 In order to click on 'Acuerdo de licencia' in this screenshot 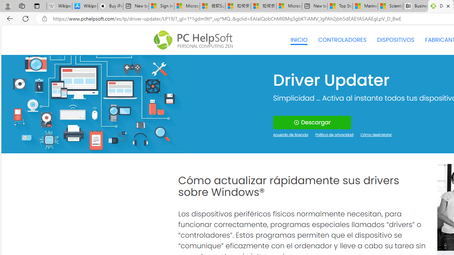, I will do `click(290, 135)`.